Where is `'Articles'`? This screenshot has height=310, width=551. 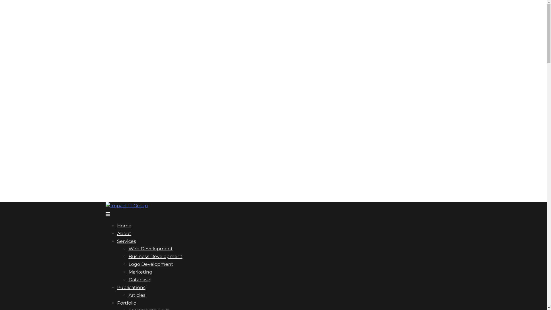
'Articles' is located at coordinates (137, 295).